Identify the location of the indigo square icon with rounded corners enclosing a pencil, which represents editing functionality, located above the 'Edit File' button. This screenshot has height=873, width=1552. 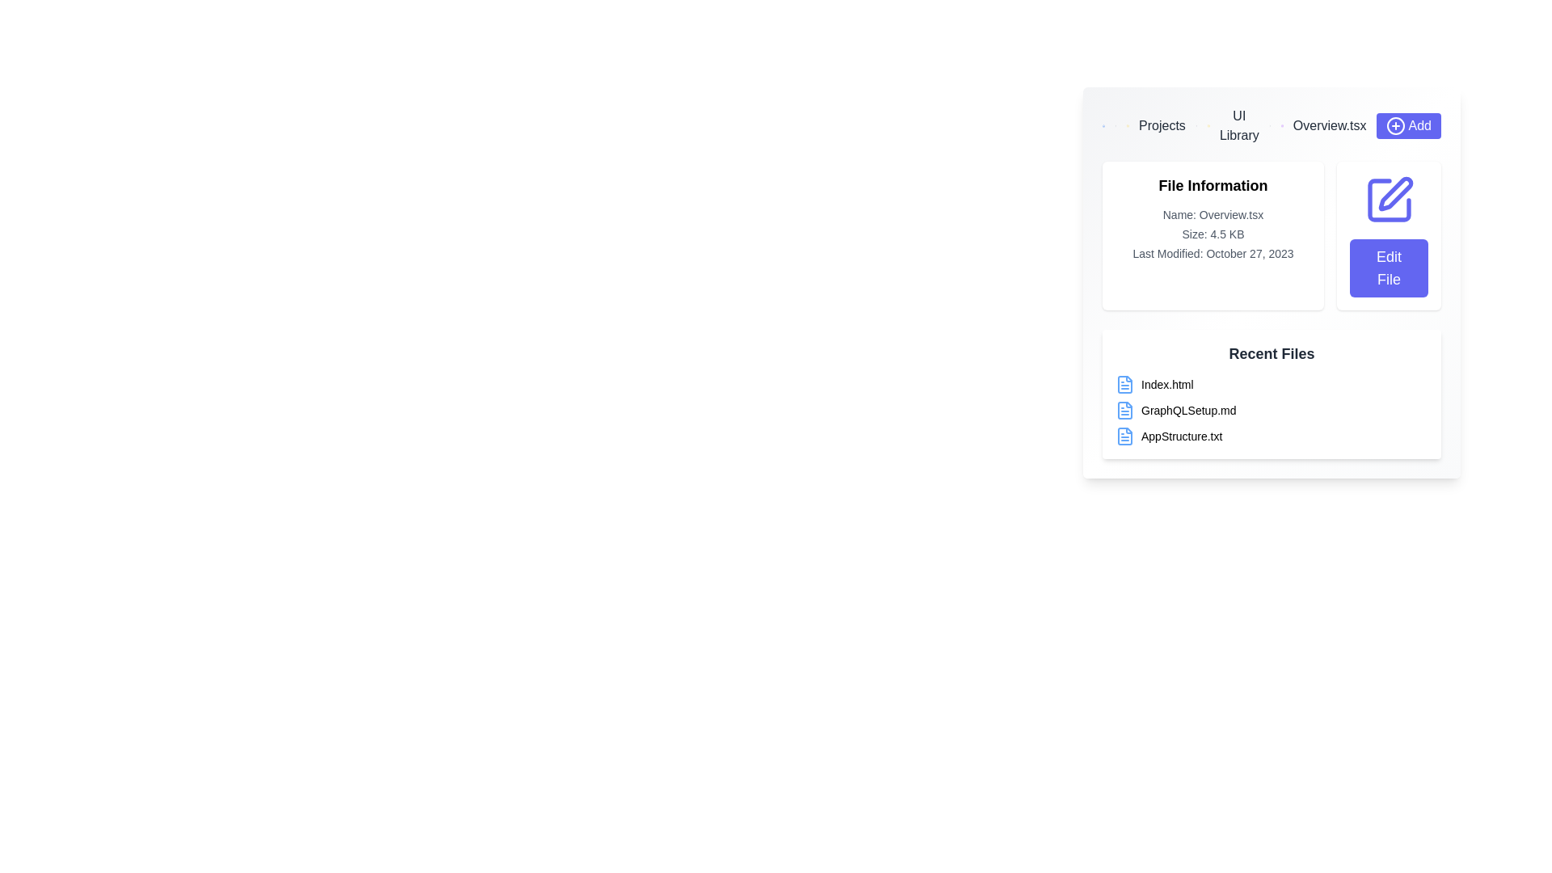
(1388, 199).